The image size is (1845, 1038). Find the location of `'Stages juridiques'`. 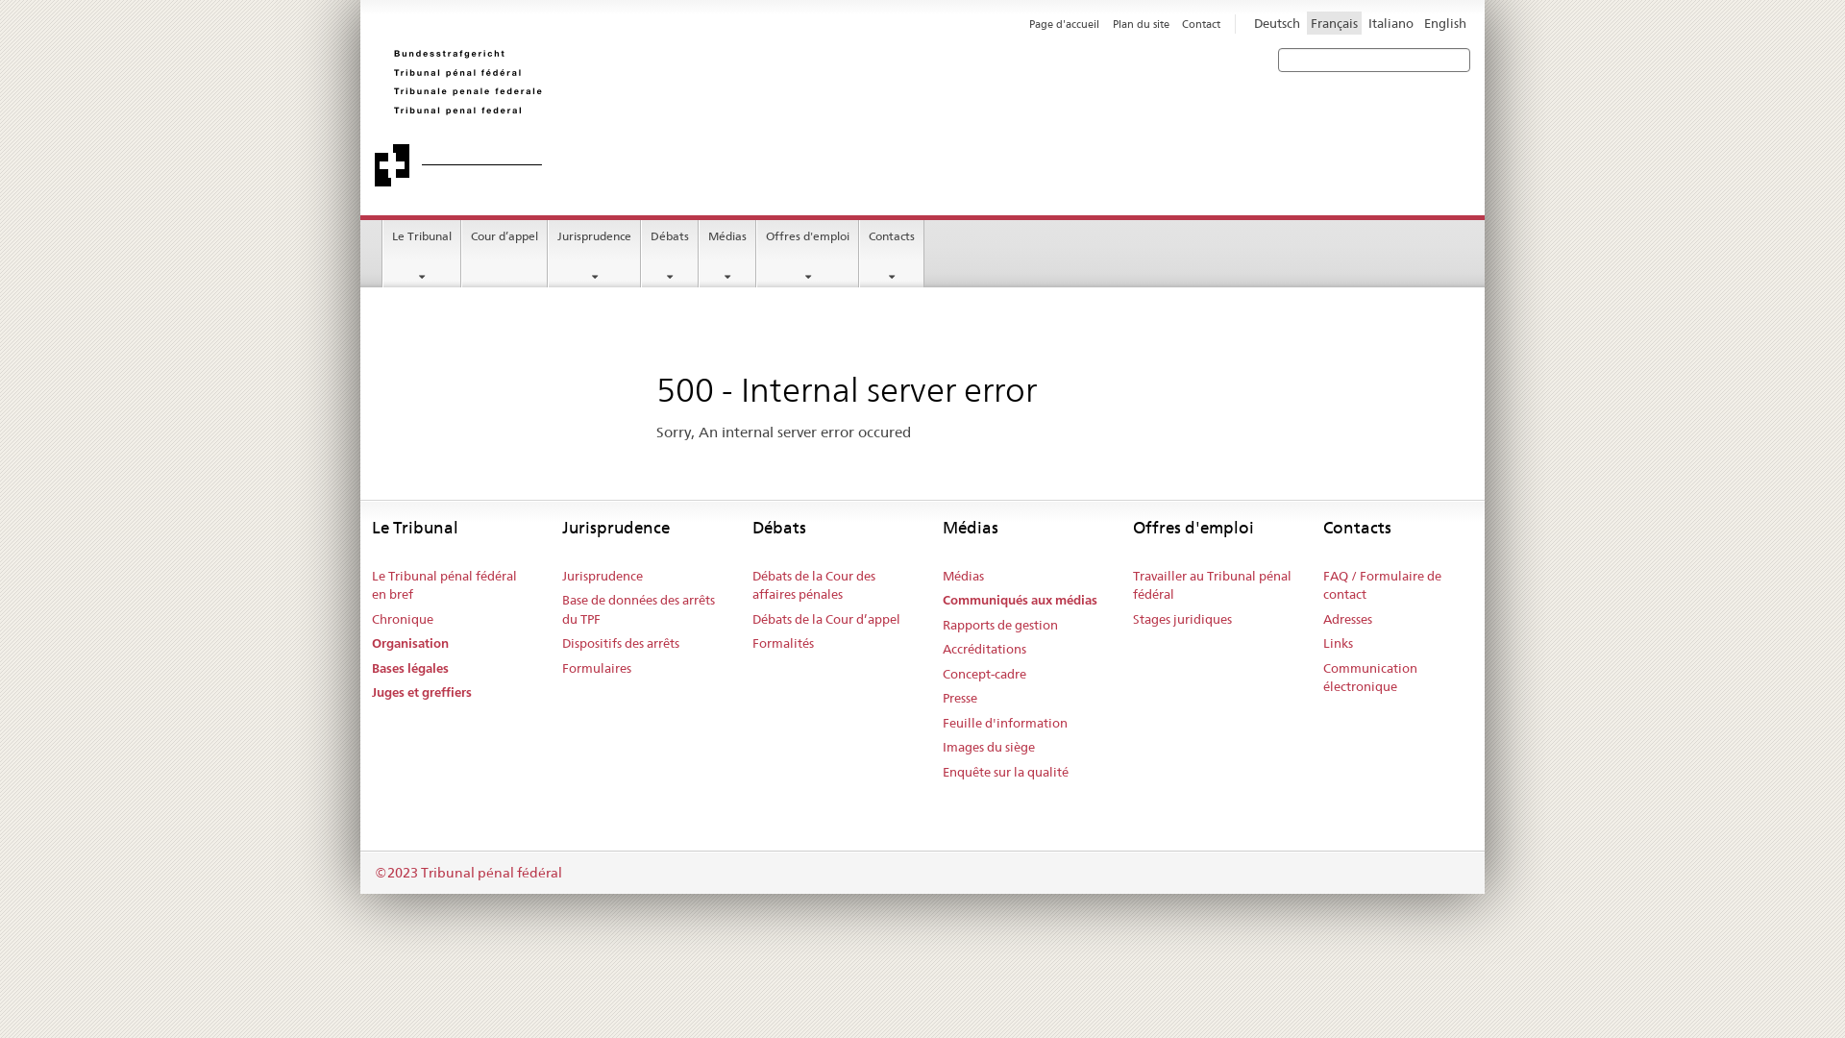

'Stages juridiques' is located at coordinates (1181, 619).